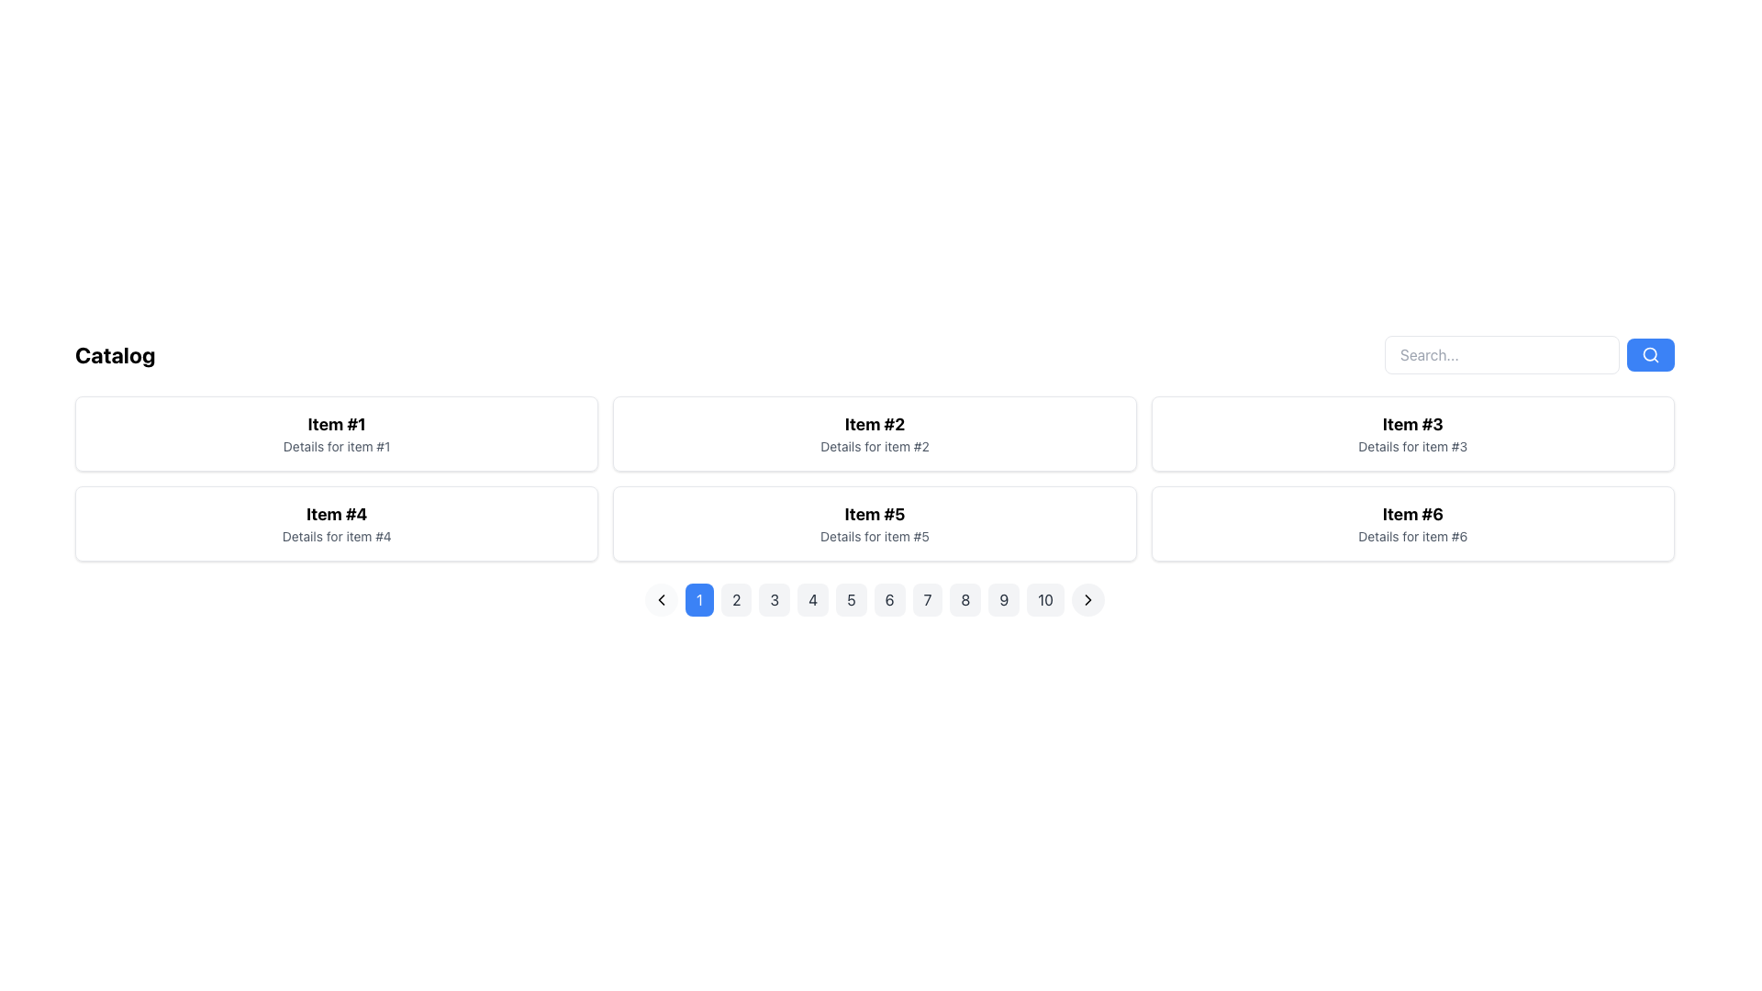  What do you see at coordinates (1529, 354) in the screenshot?
I see `the button in the composite UI component that allows users` at bounding box center [1529, 354].